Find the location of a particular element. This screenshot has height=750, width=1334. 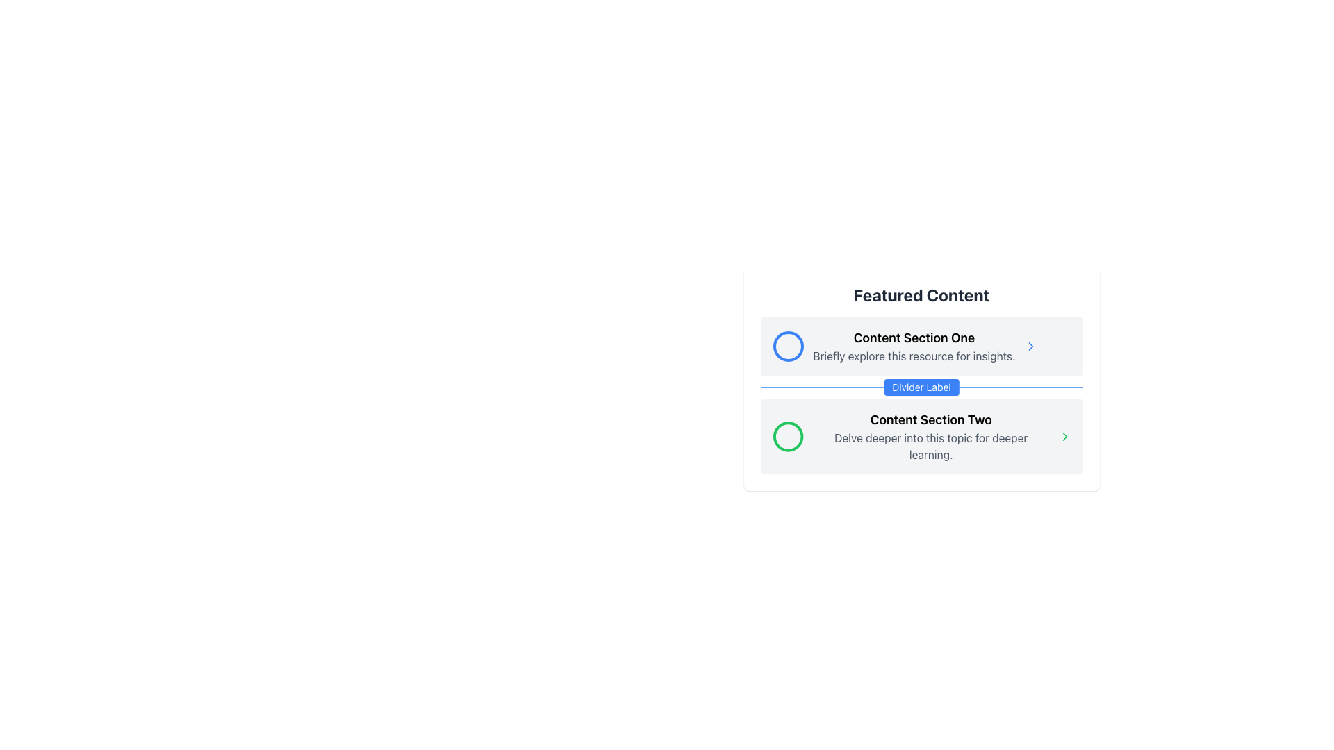

the green chevron icon located at the far right edge of the 'Content Section Two' panel is located at coordinates (1064, 435).